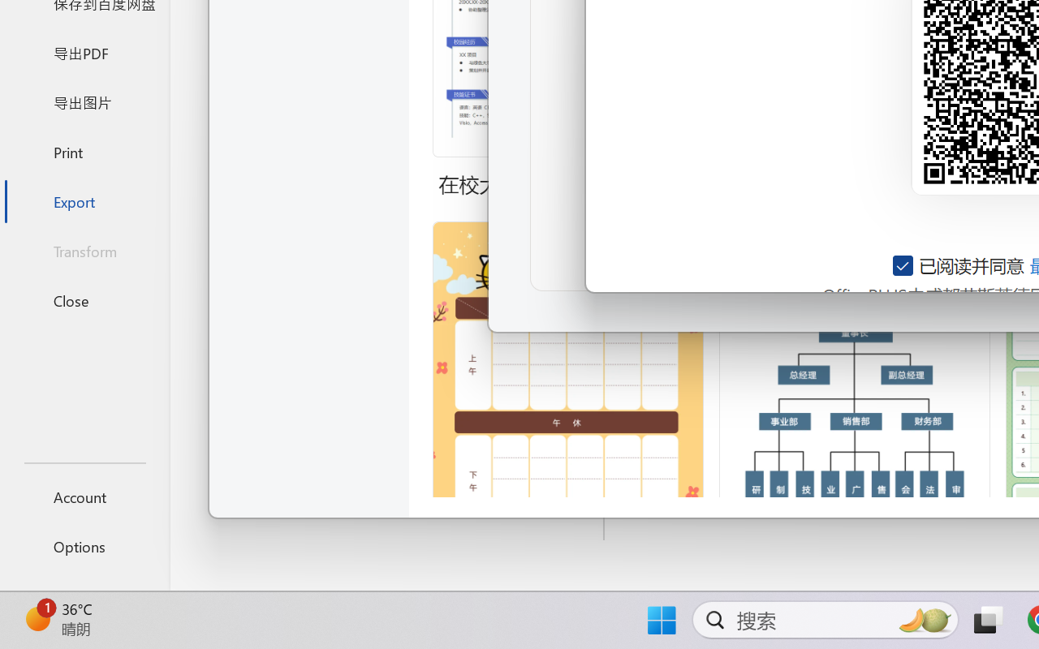  What do you see at coordinates (84, 200) in the screenshot?
I see `'Export'` at bounding box center [84, 200].